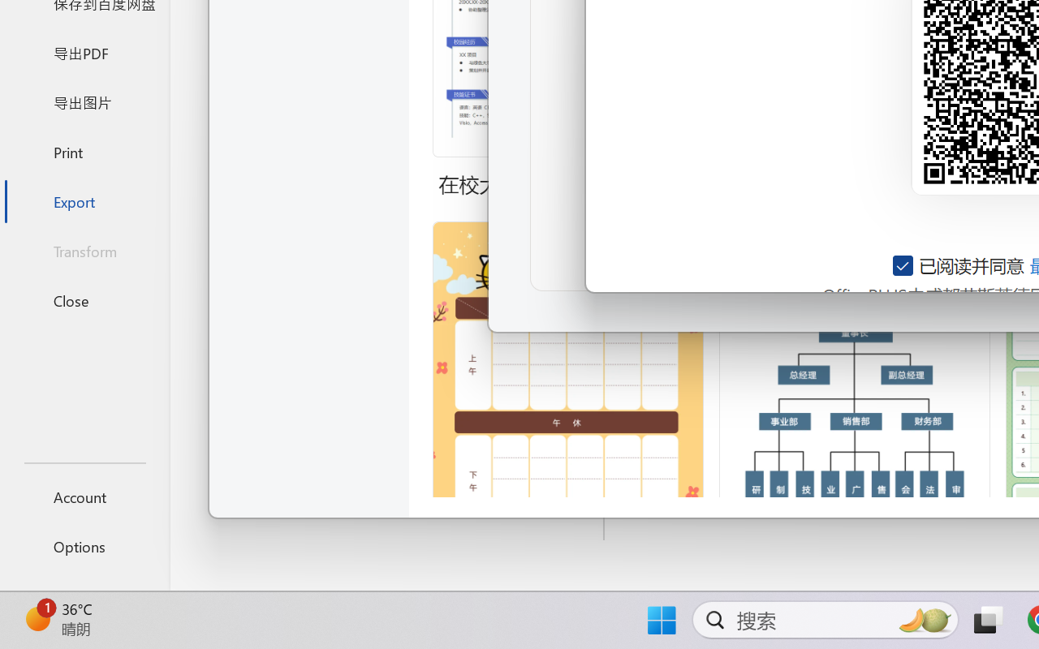  What do you see at coordinates (84, 200) in the screenshot?
I see `'Export'` at bounding box center [84, 200].